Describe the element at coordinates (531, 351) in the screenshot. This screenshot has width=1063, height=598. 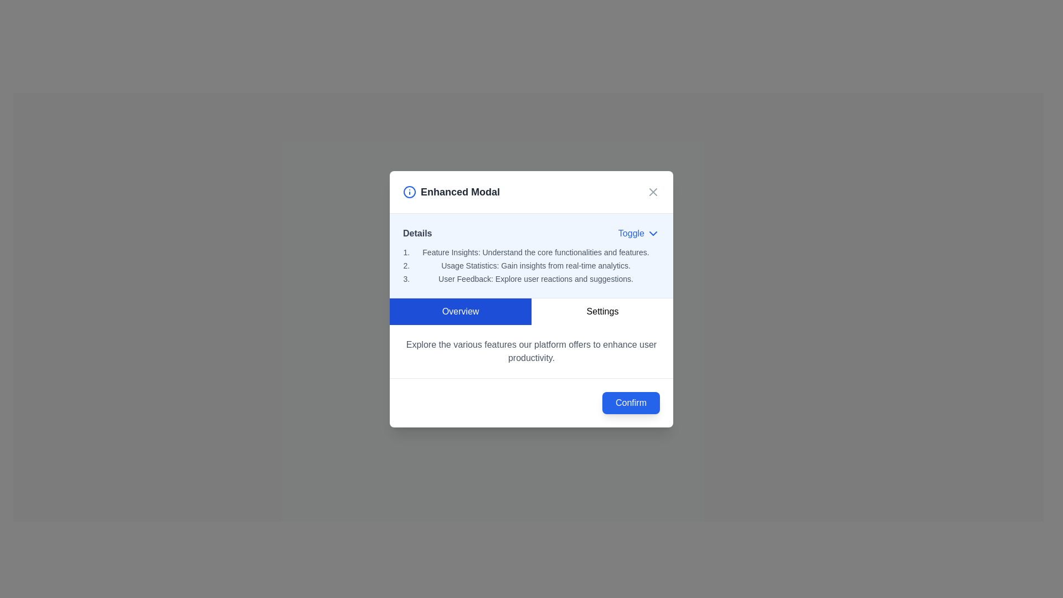
I see `the text element that states 'Explore the various features our platform offers to enhance user productivity.' styled with gray text color located at the bottom of the modal` at that location.